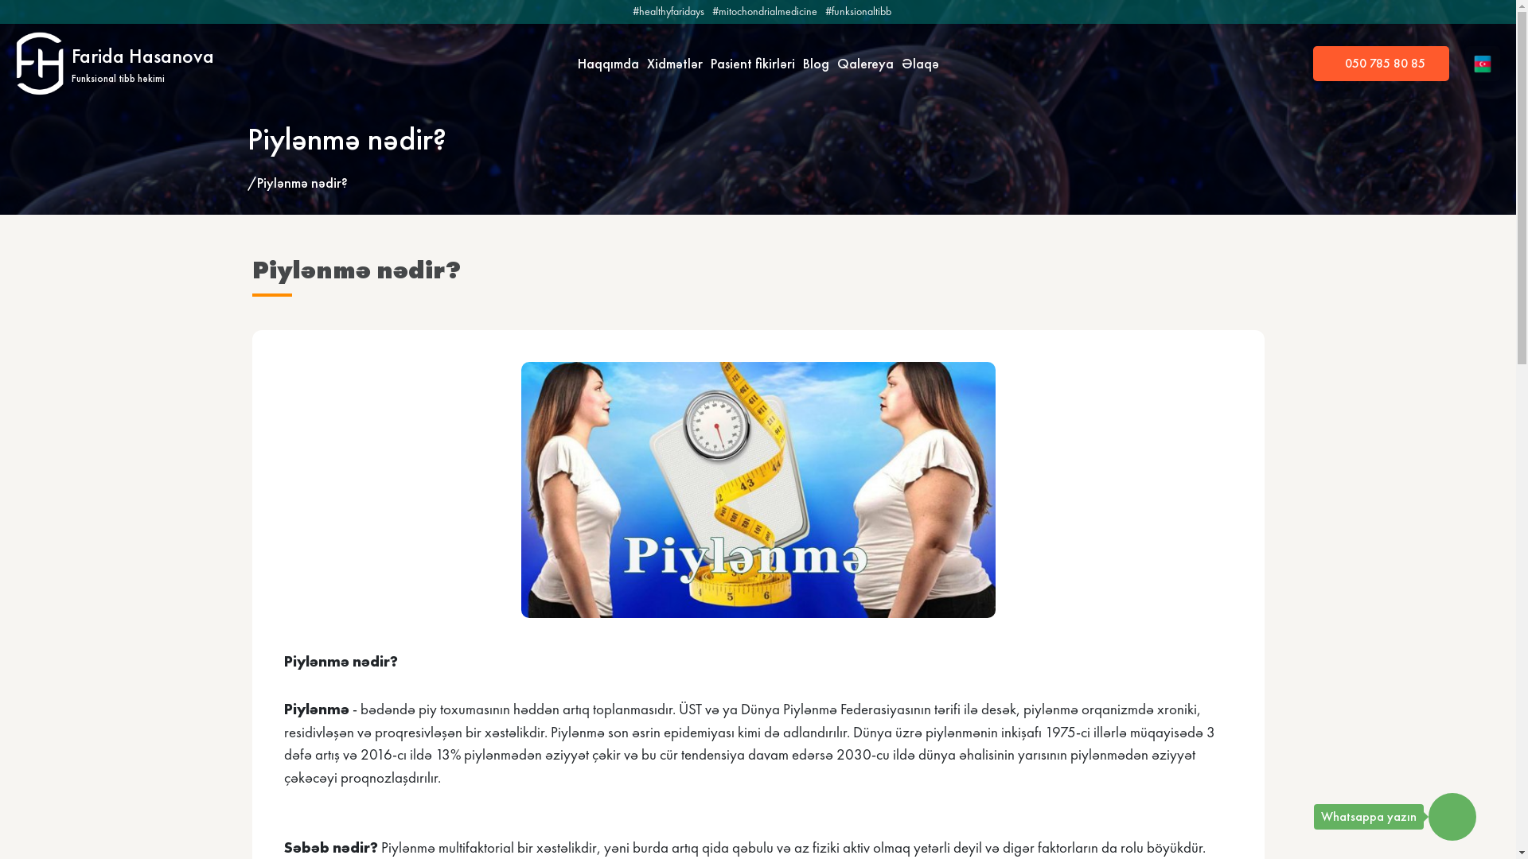 This screenshot has height=859, width=1528. What do you see at coordinates (251, 181) in the screenshot?
I see `'/'` at bounding box center [251, 181].